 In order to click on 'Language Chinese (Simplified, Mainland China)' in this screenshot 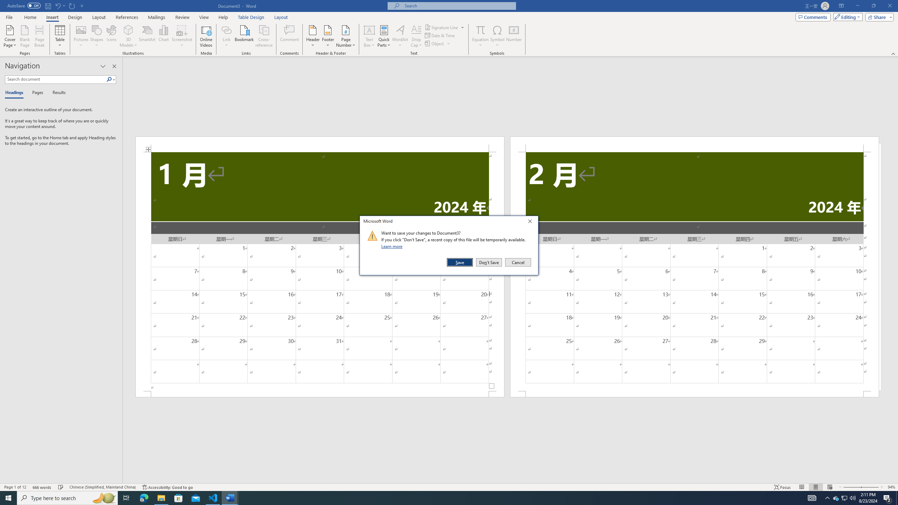, I will do `click(102, 487)`.